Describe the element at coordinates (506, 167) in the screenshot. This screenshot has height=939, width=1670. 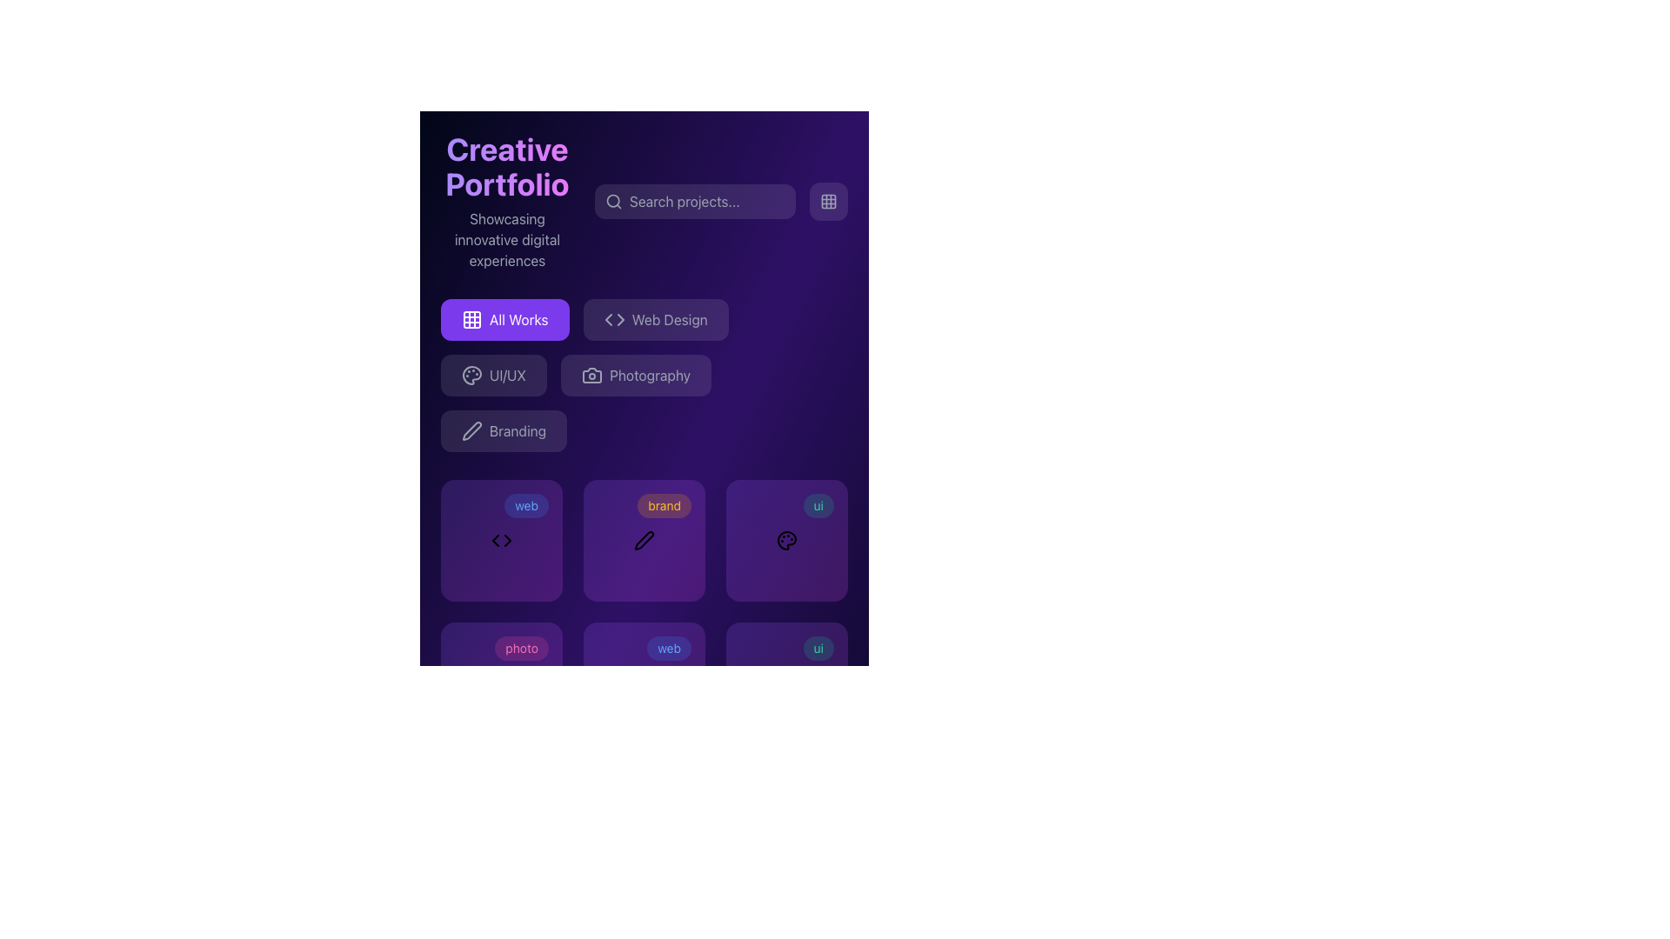
I see `the header title text label that identifies the main theme of the interface related` at that location.